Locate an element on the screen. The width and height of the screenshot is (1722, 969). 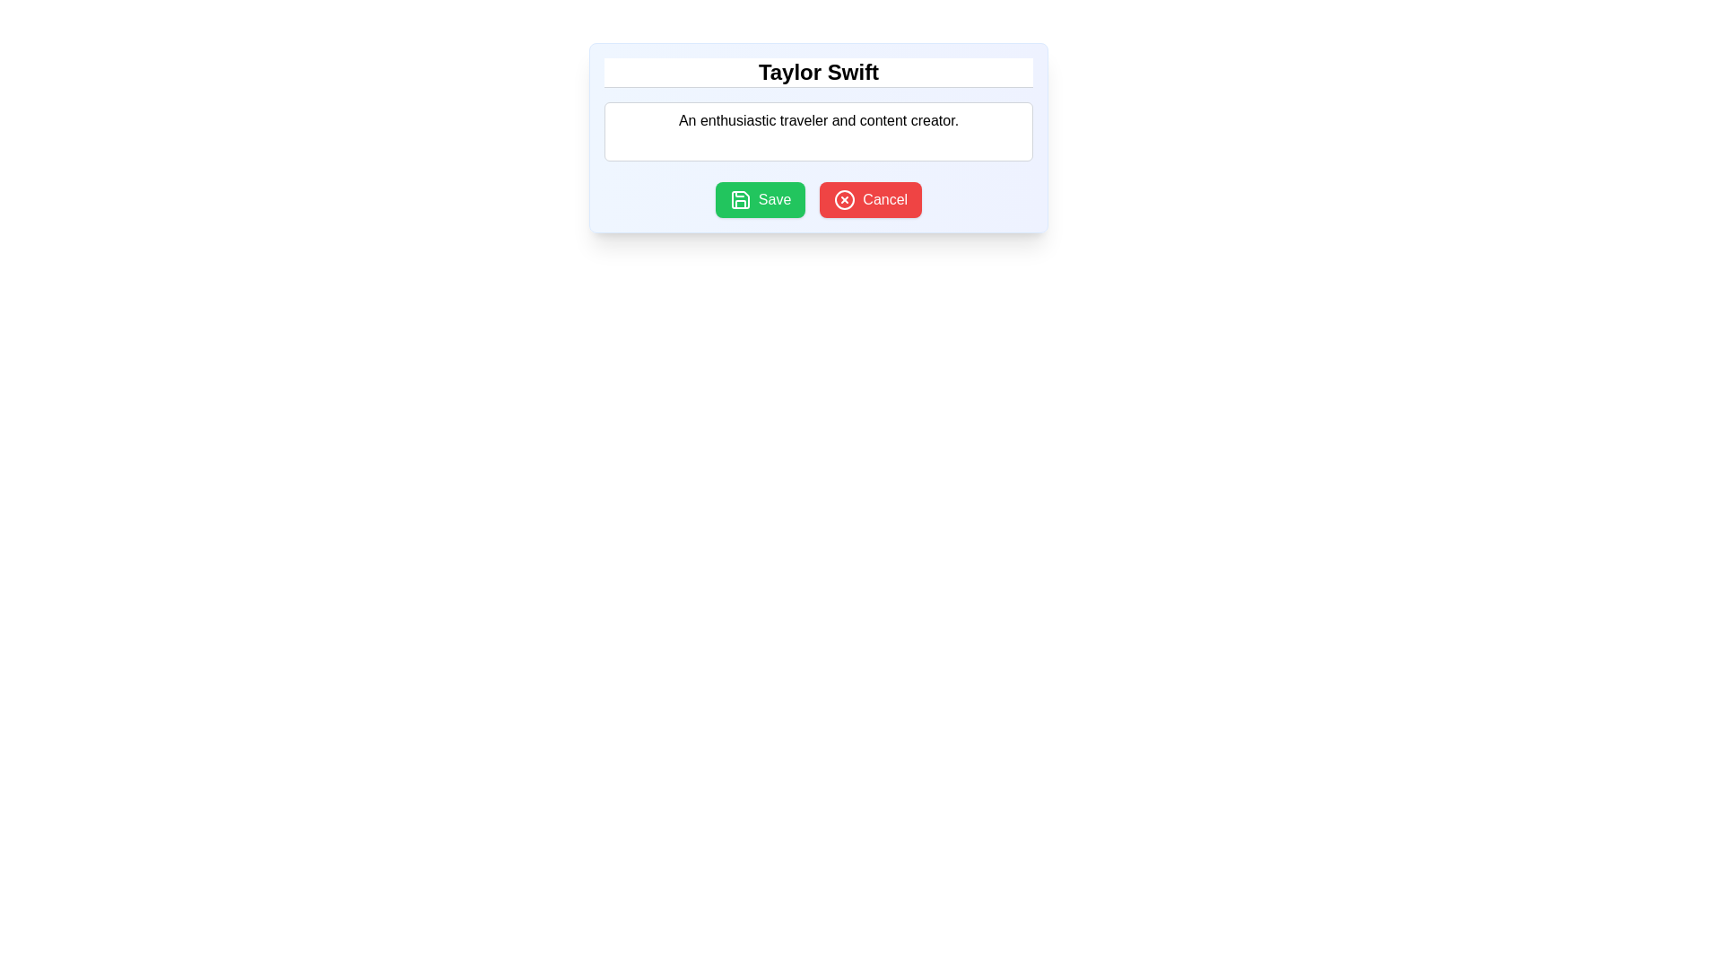
the text input field below the header 'Taylor Swift' to focus on it is located at coordinates (817, 113).